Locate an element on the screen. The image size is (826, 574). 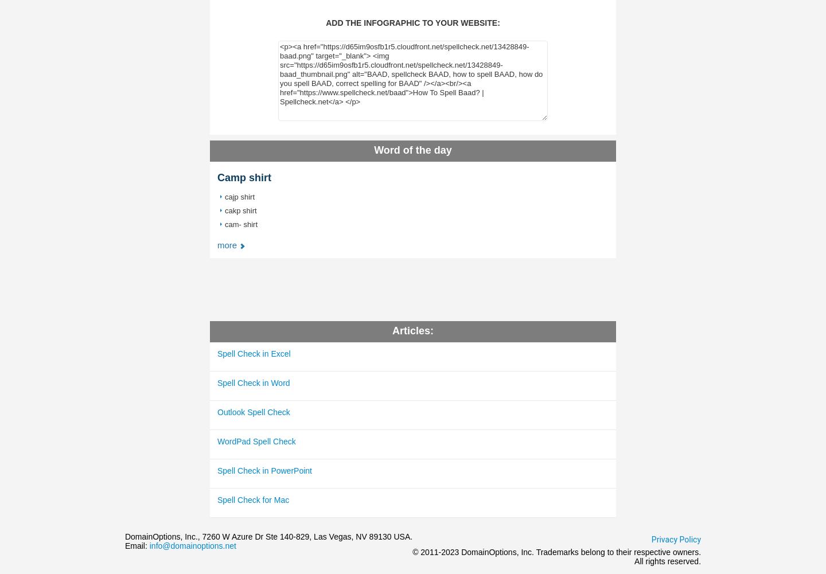
'DomainOptions, Inc., 7260 W Azure Dr Ste 140-829, Las Vegas, NV 89130 USA.' is located at coordinates (268, 536).